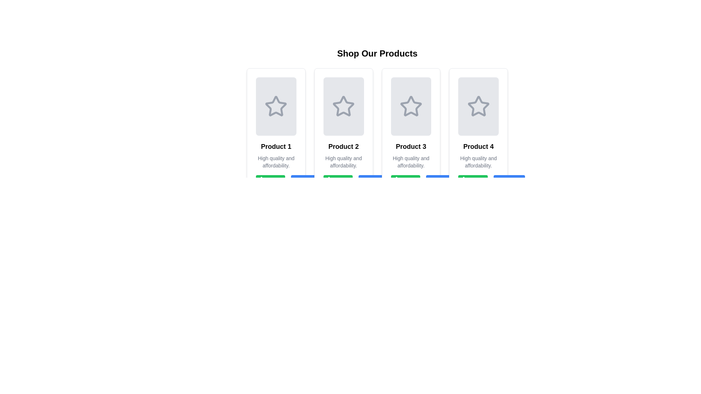 The width and height of the screenshot is (701, 394). Describe the element at coordinates (467, 180) in the screenshot. I see `shopping cart icon element located within the 'Product 4' UI card for debugging purposes` at that location.